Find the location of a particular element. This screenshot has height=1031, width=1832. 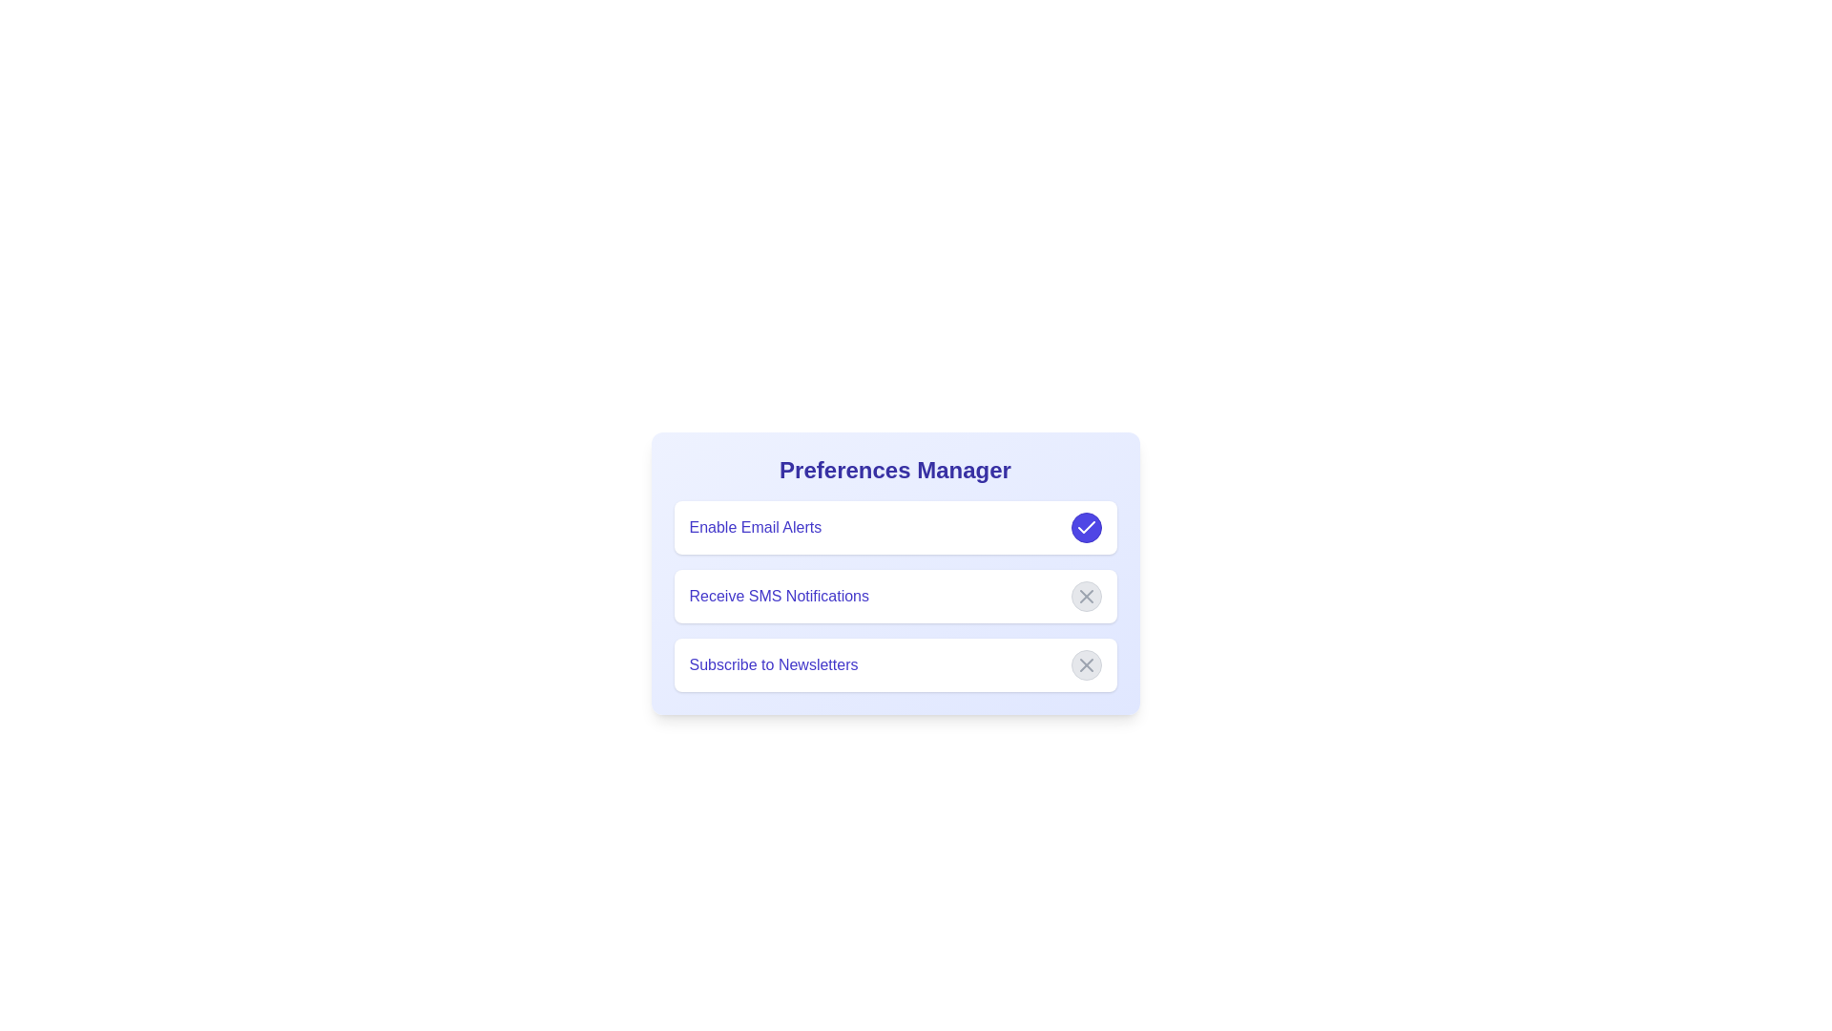

the Text Label that describes the preference for receiving SMS notifications, positioned between the 'Enable Email Alerts' and 'Subscribe to Newsletters' preference items is located at coordinates (779, 595).